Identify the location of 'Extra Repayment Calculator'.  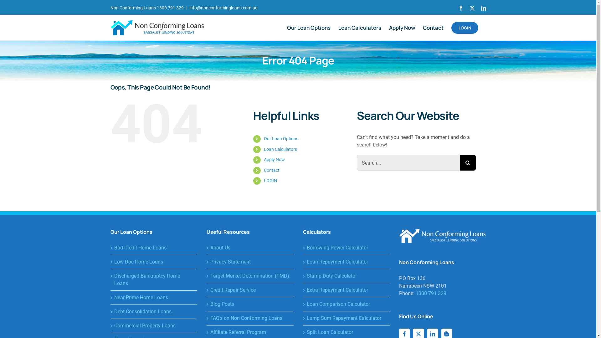
(347, 290).